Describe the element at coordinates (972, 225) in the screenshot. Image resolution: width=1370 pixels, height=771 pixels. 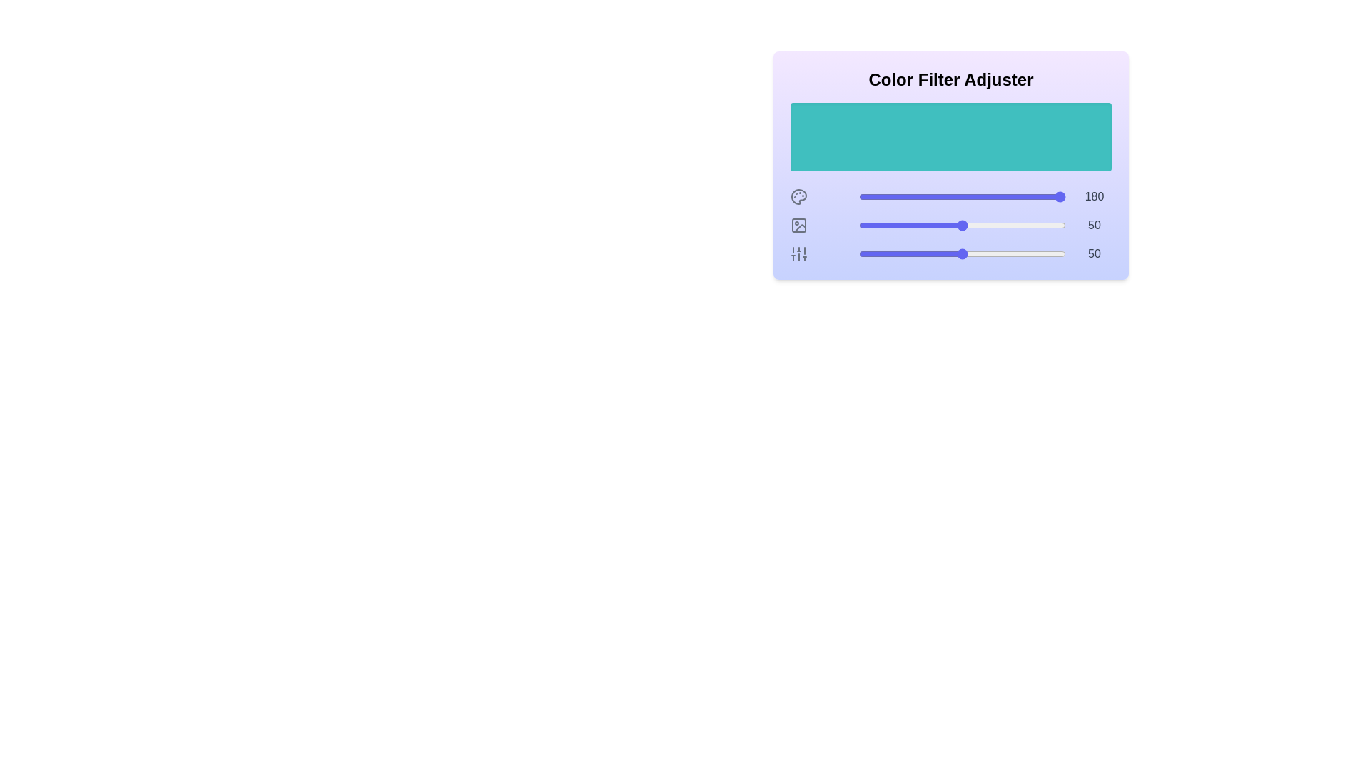
I see `the lightness slider to 55%` at that location.